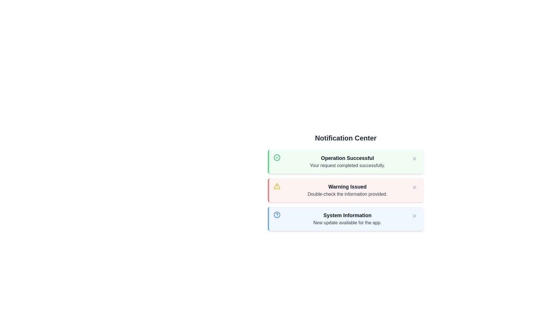 Image resolution: width=550 pixels, height=309 pixels. I want to click on the text 'Operation Successful' which is prominently displayed in bold within the first notification card of the Notification Center, so click(347, 158).